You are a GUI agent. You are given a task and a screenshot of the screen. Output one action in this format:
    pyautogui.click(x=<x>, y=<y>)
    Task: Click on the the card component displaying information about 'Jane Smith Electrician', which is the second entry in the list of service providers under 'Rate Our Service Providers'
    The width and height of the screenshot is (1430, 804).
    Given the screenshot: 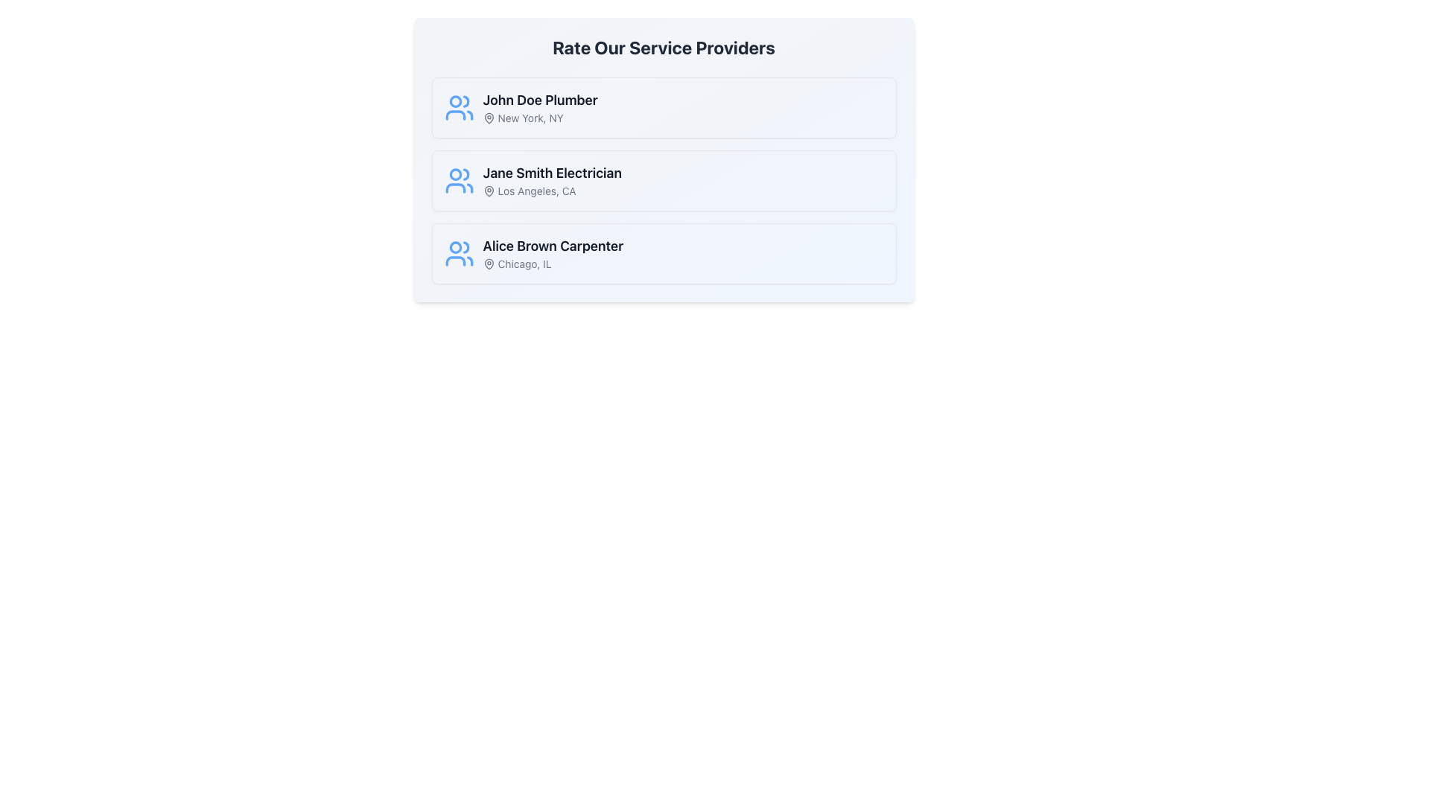 What is the action you would take?
    pyautogui.click(x=663, y=180)
    